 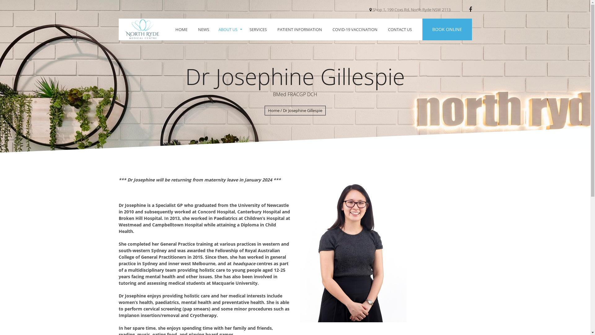 I want to click on 'HOME', so click(x=170, y=29).